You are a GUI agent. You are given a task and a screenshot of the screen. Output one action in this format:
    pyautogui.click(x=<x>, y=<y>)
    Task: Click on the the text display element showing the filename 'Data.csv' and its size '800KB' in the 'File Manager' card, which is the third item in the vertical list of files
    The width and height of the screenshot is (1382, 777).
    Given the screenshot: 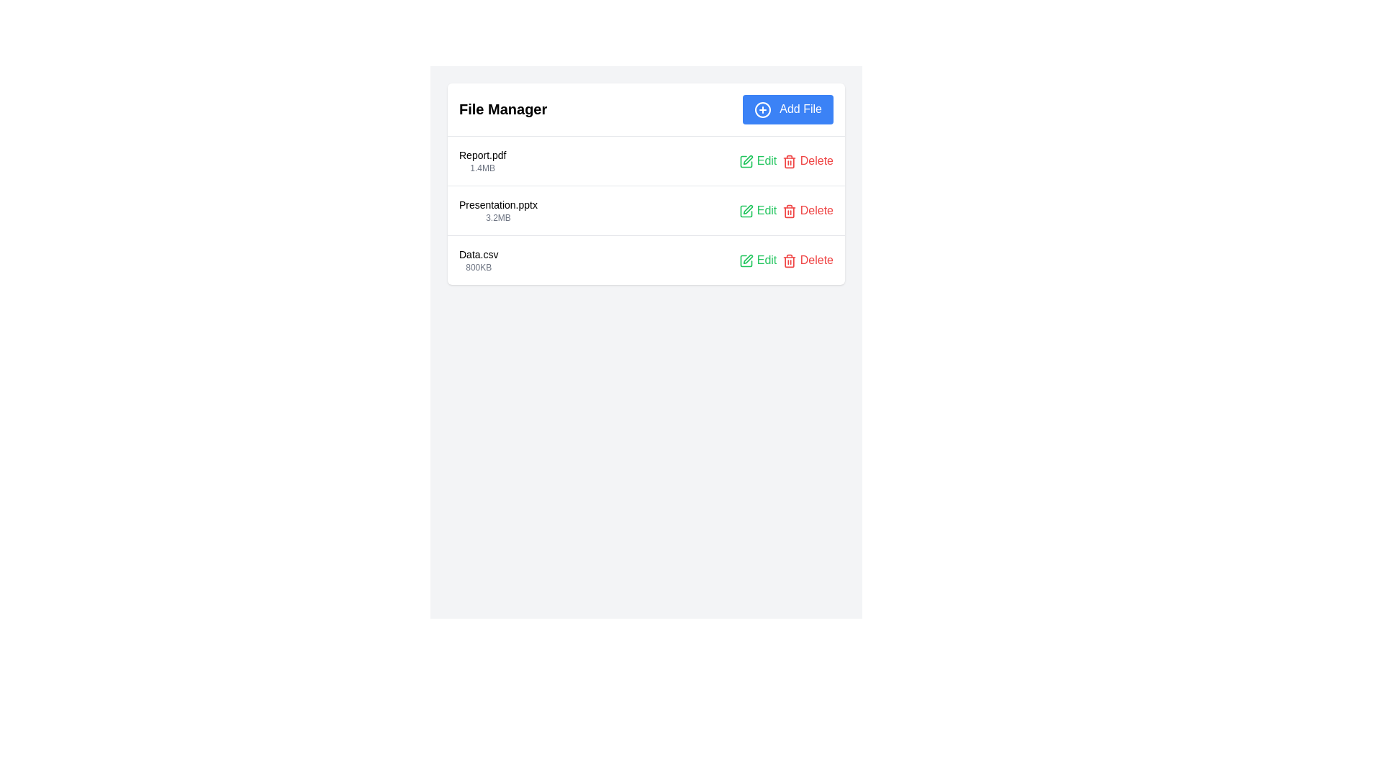 What is the action you would take?
    pyautogui.click(x=479, y=260)
    